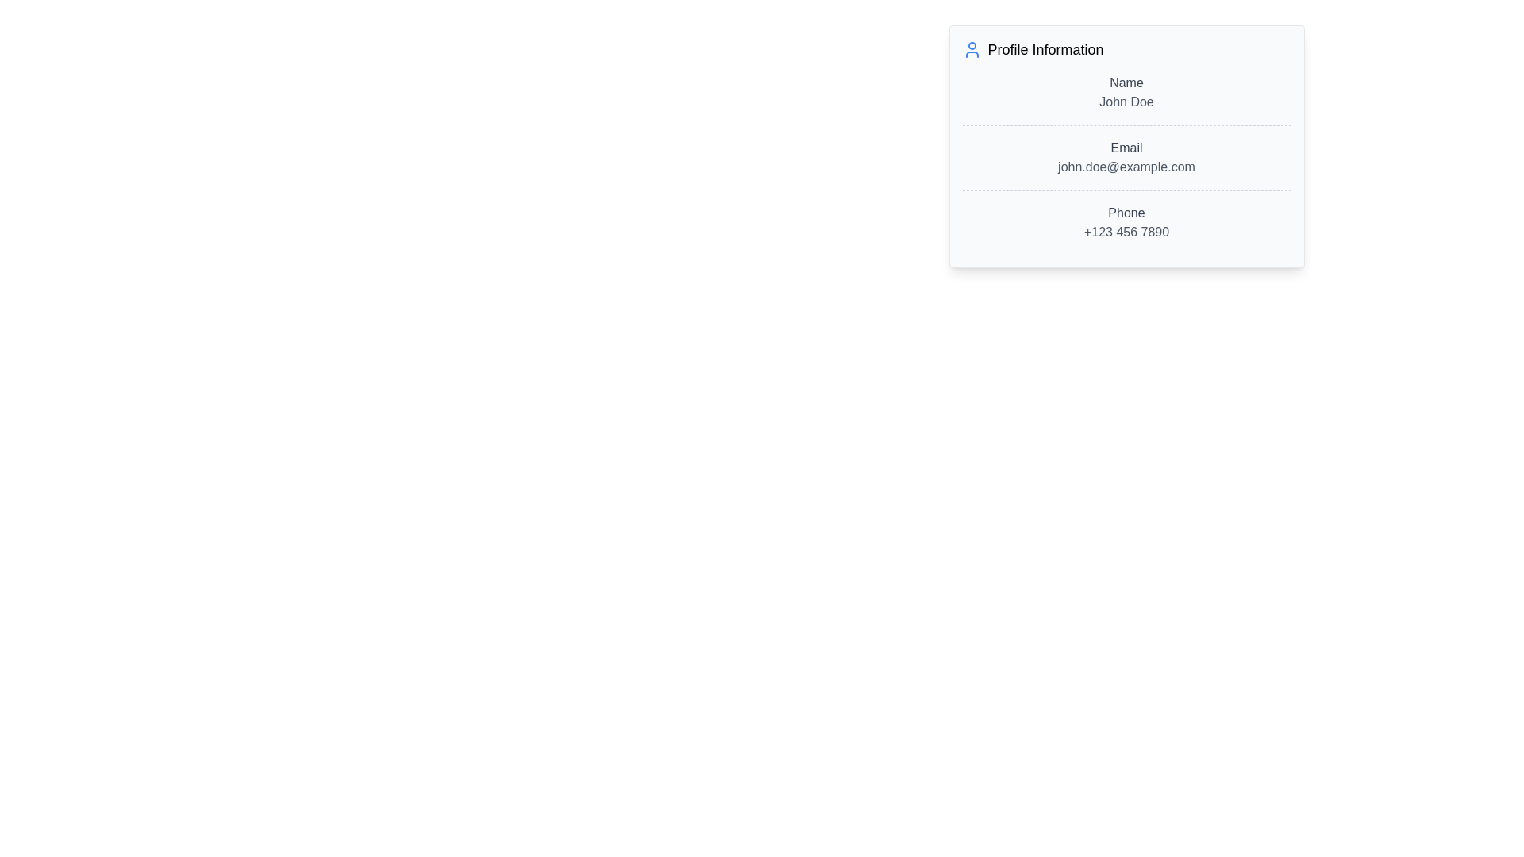  I want to click on the text label displaying 'Name' in medium font weight and gray color, located in the top section of the 'Profile Information' card, so click(1126, 83).